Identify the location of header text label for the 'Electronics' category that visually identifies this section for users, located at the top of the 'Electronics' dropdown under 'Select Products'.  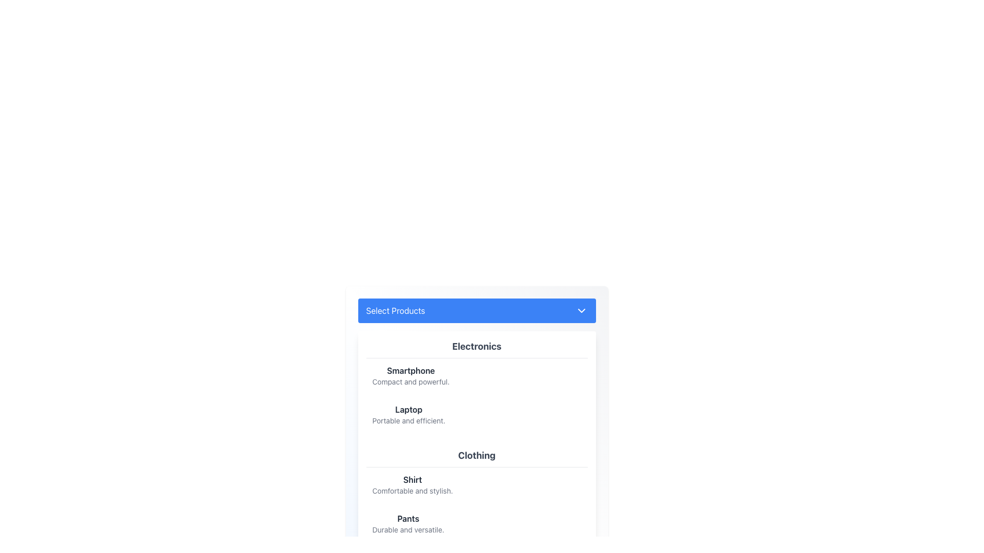
(476, 346).